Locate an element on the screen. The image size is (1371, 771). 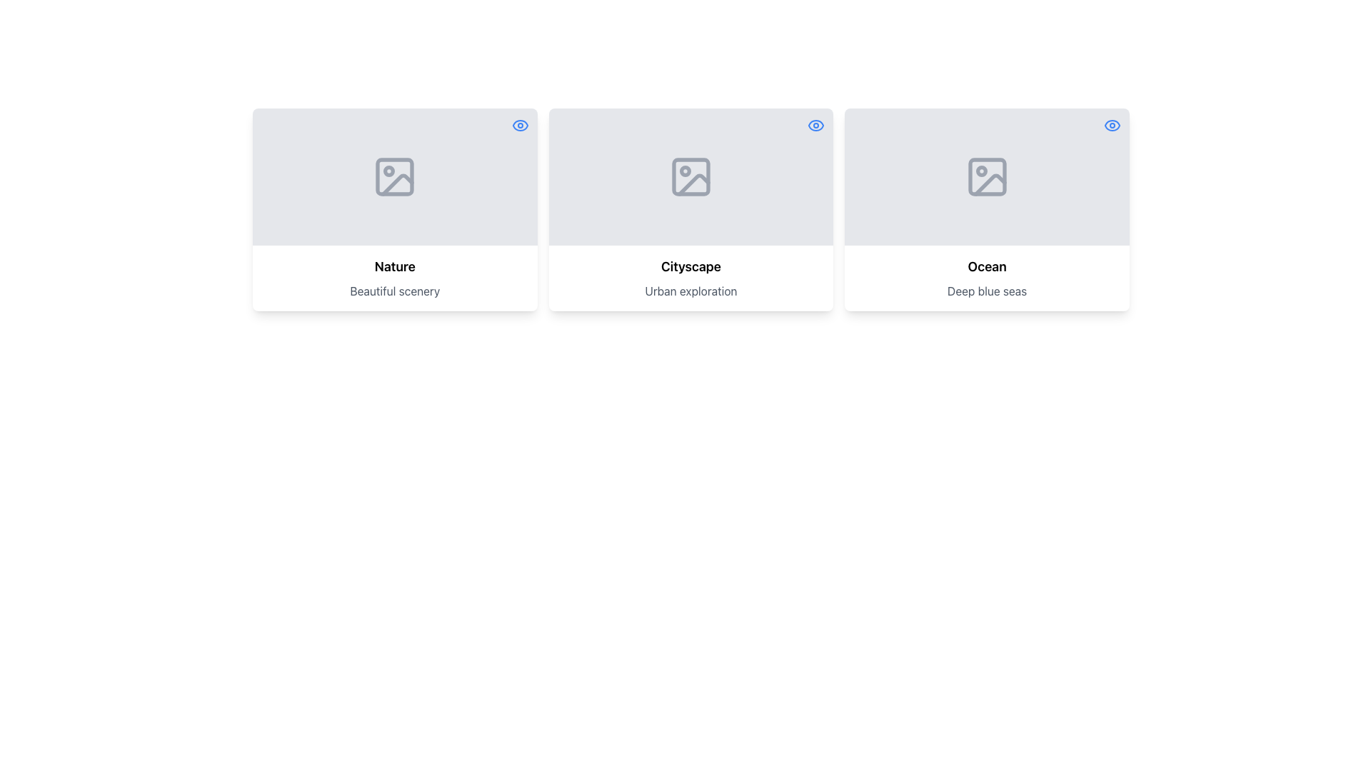
the decorative circle inside the 'Cityscape' card icon, located in the top-left corner of the graphical placeholder is located at coordinates (685, 170).